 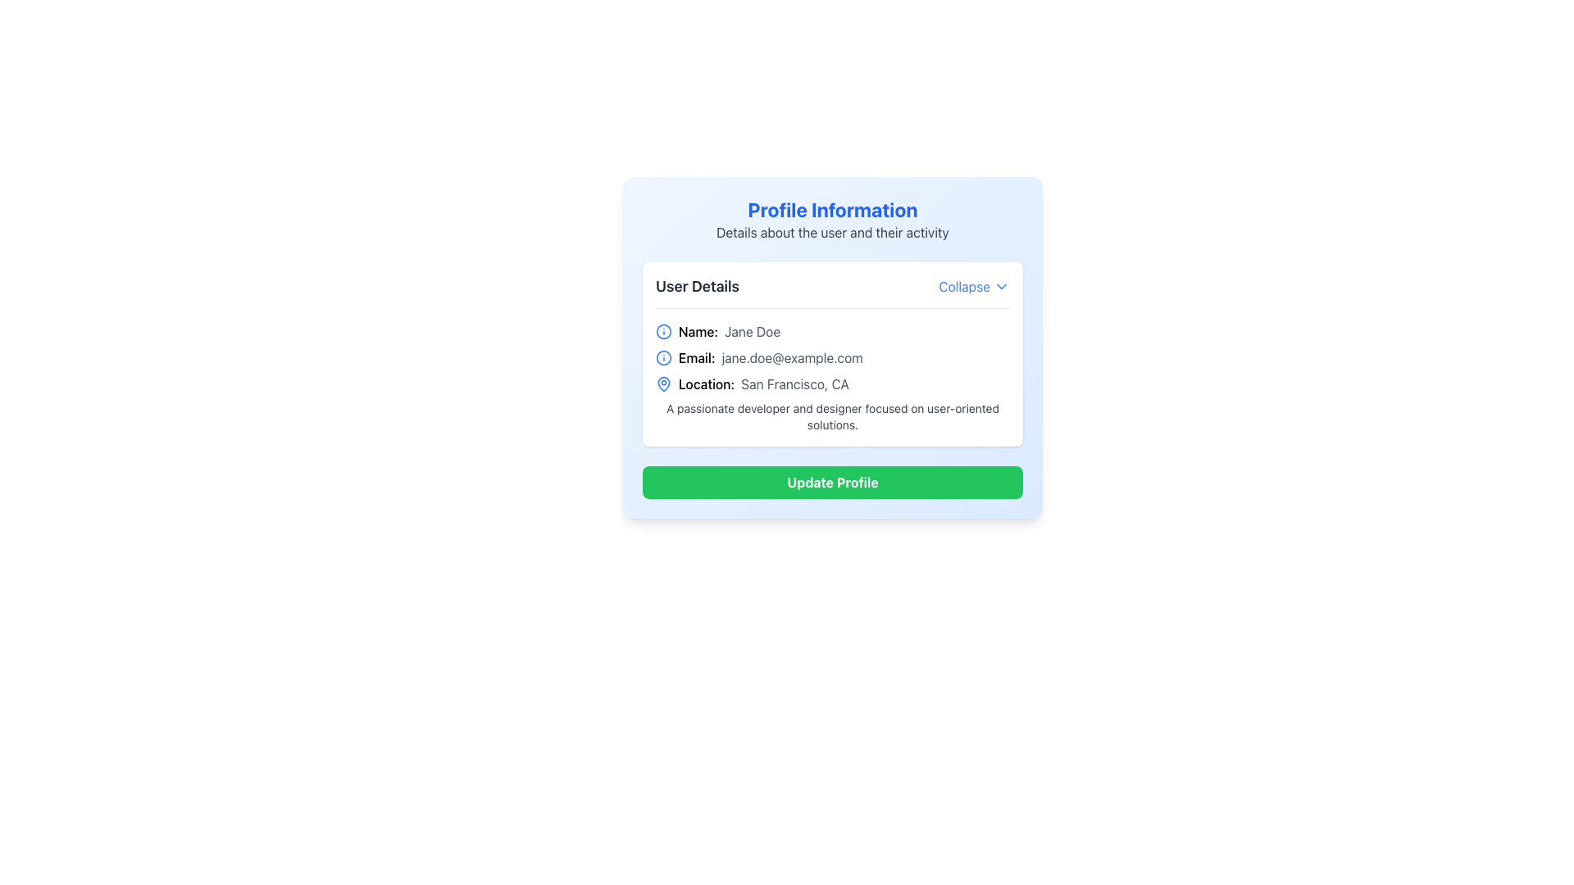 What do you see at coordinates (833, 218) in the screenshot?
I see `information displayed in the 'Profile Information' header and its subtitle, which includes details about the user and their activity` at bounding box center [833, 218].